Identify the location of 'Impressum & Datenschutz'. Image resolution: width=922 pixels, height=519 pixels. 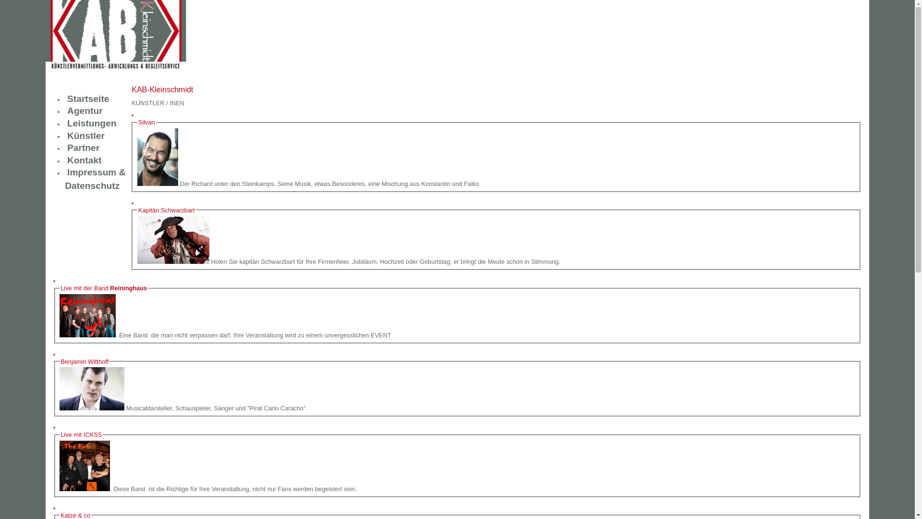
(95, 179).